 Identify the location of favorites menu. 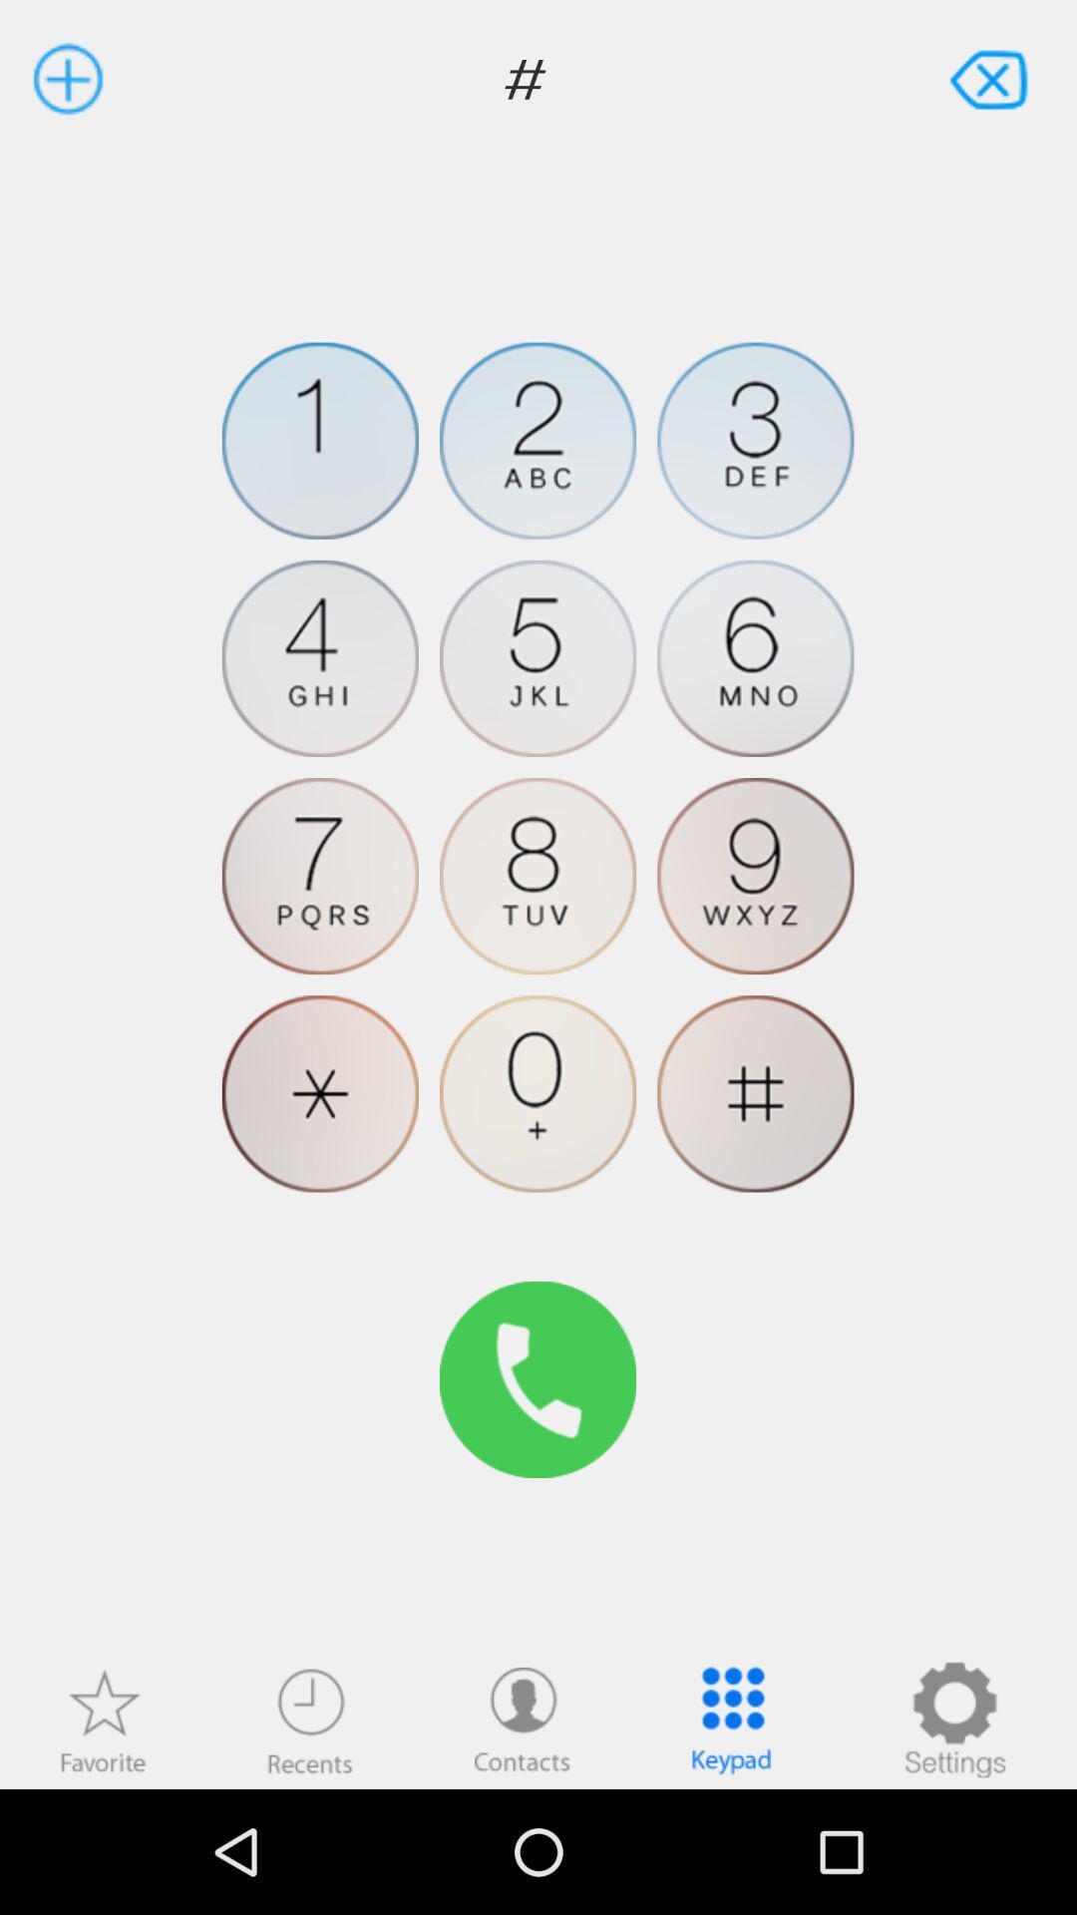
(103, 1719).